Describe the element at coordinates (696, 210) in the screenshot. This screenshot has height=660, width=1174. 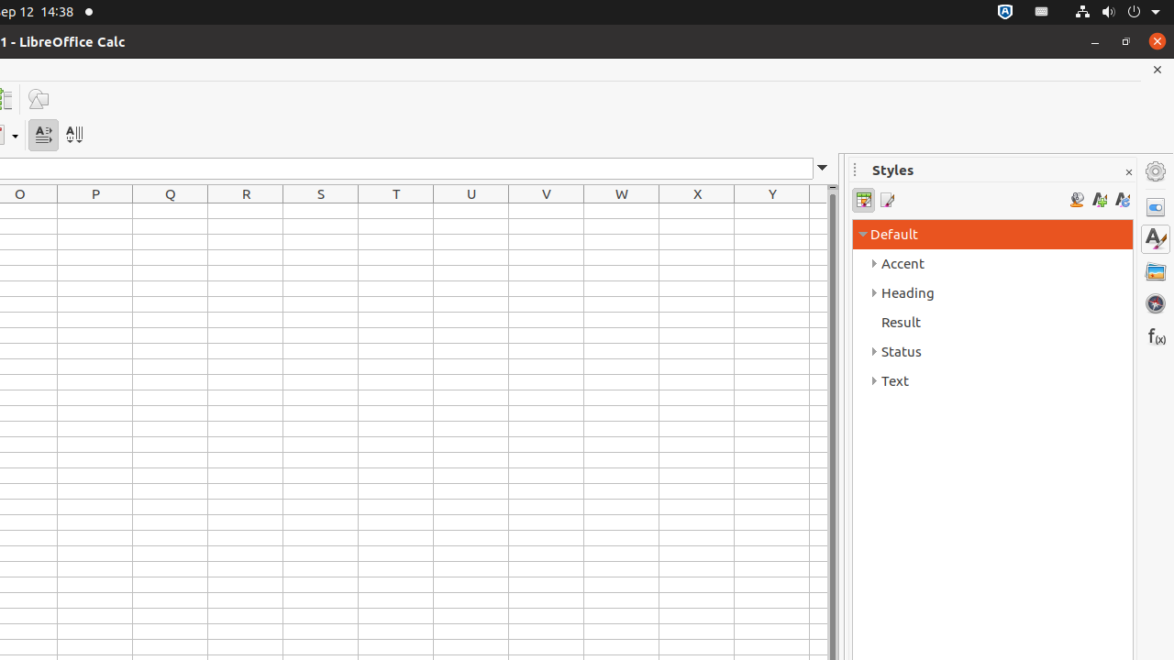
I see `'X1'` at that location.